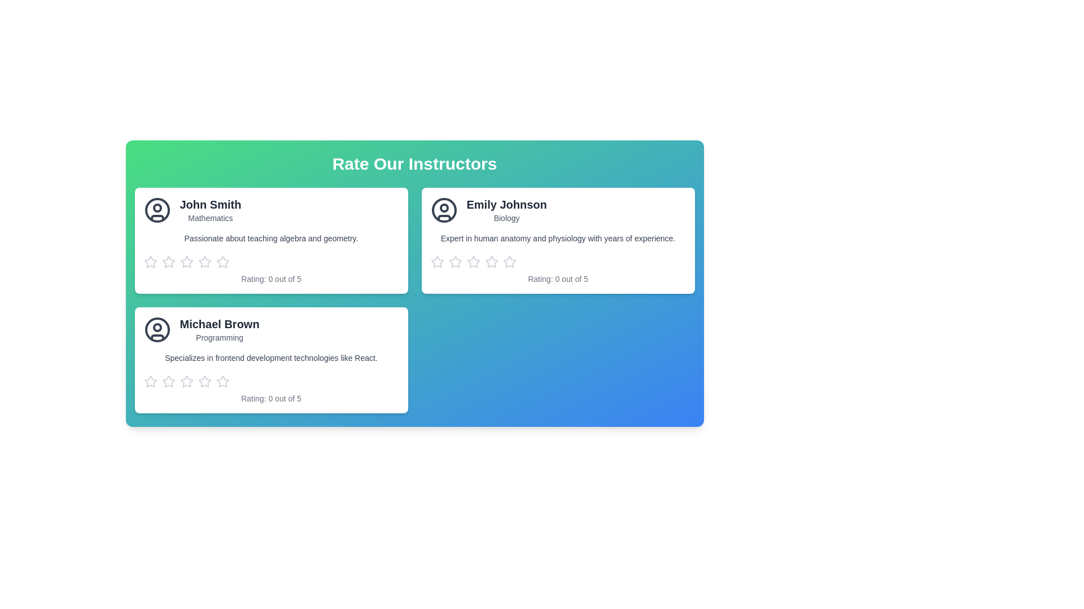 The height and width of the screenshot is (609, 1084). What do you see at coordinates (168, 262) in the screenshot?
I see `the first star icon in the rating system to provide a rating for the profile of 'John Smith'` at bounding box center [168, 262].